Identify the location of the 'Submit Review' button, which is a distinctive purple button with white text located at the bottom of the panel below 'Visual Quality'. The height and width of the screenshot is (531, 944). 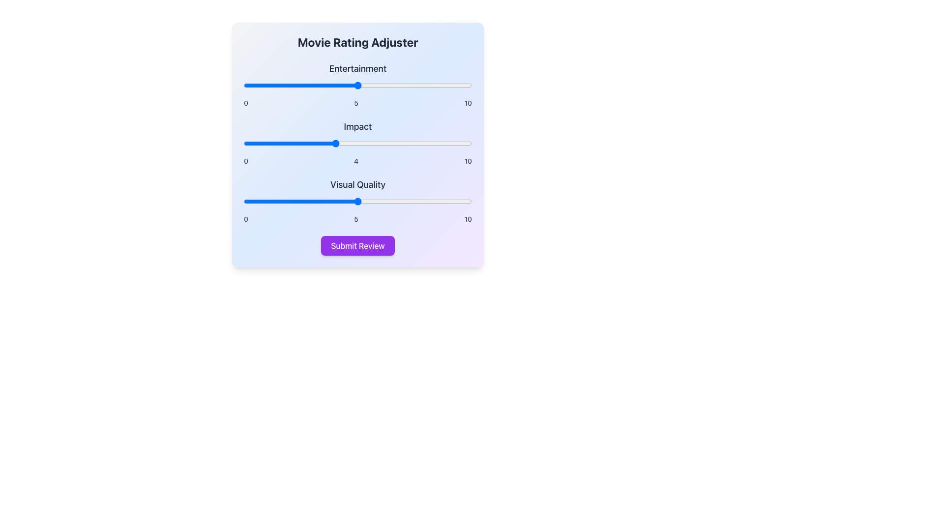
(357, 245).